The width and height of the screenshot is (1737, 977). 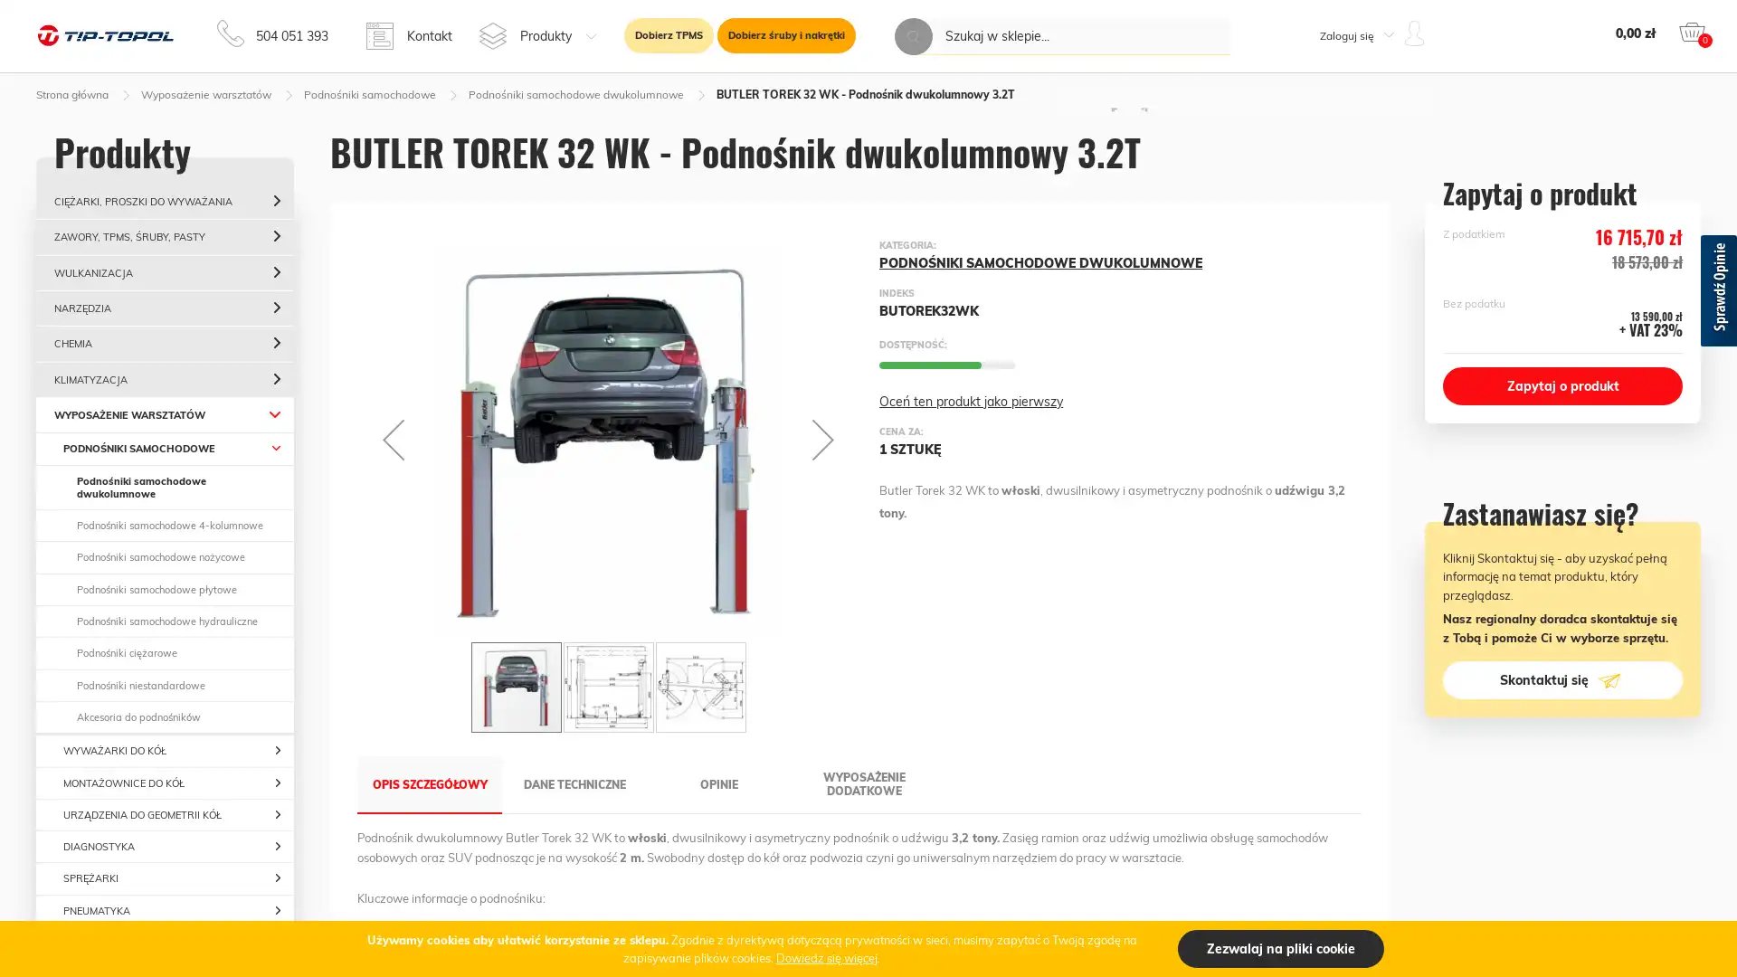 I want to click on Previous, so click(x=393, y=439).